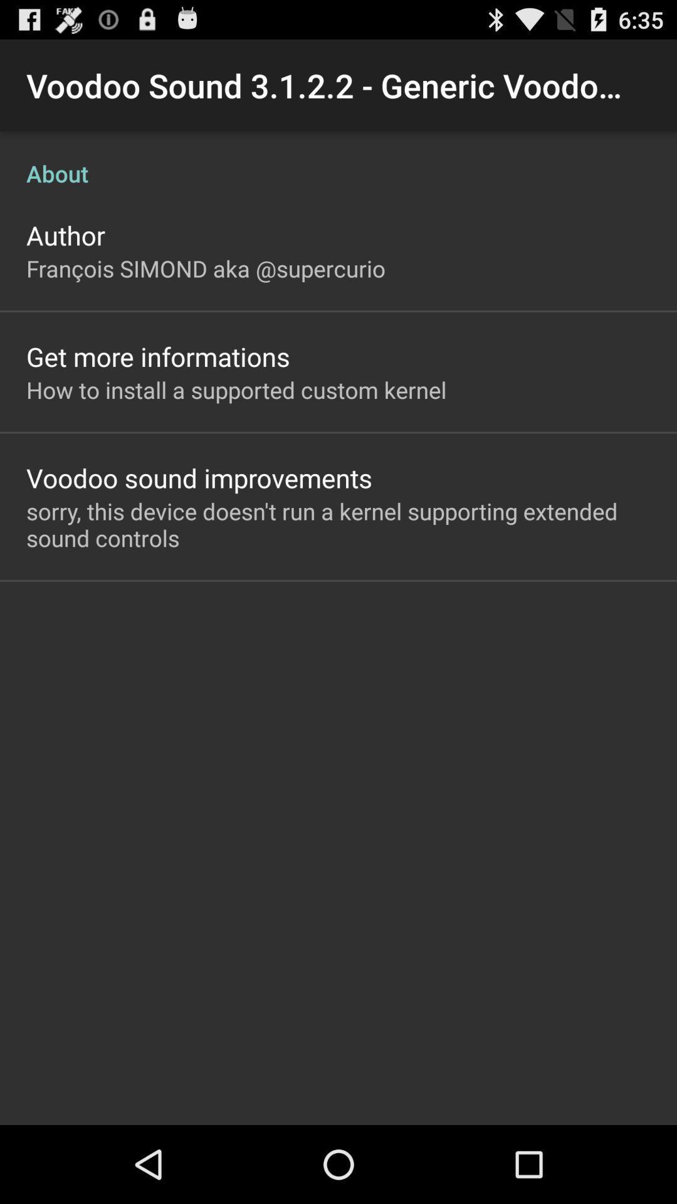 This screenshot has width=677, height=1204. I want to click on the app below the about app, so click(65, 235).